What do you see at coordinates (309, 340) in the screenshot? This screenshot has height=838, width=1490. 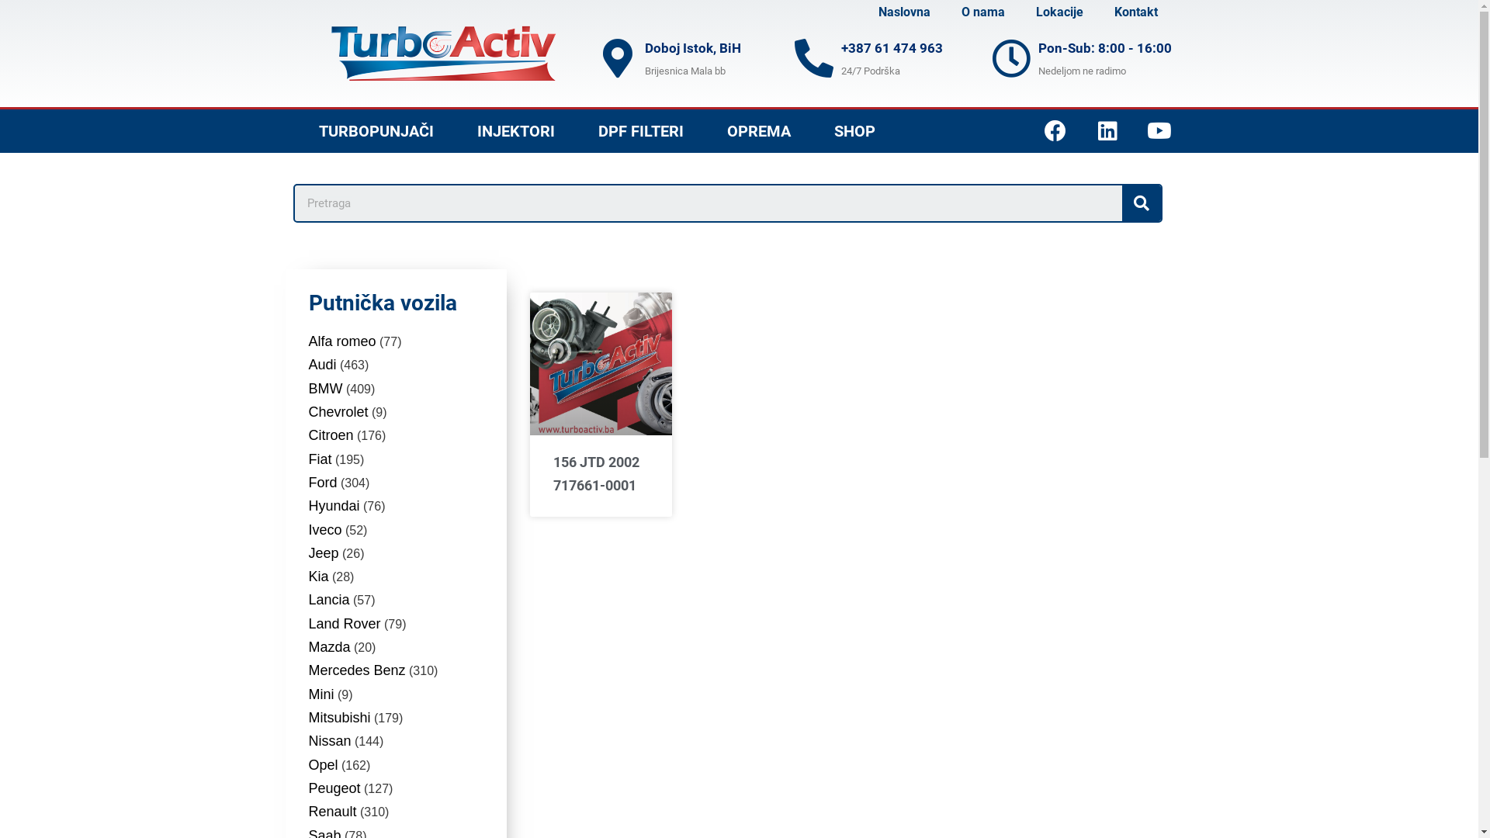 I see `'Alfa romeo'` at bounding box center [309, 340].